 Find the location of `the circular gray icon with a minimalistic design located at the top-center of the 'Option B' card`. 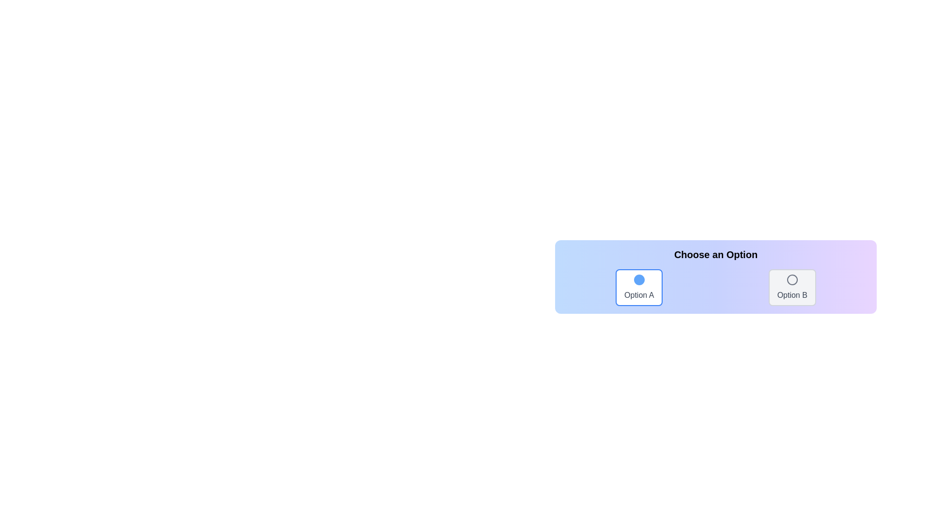

the circular gray icon with a minimalistic design located at the top-center of the 'Option B' card is located at coordinates (792, 280).